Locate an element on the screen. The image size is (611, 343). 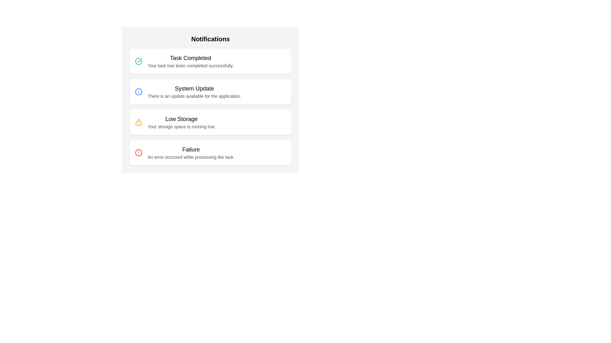
the first success notification box located at the top of the notifications list is located at coordinates (210, 61).